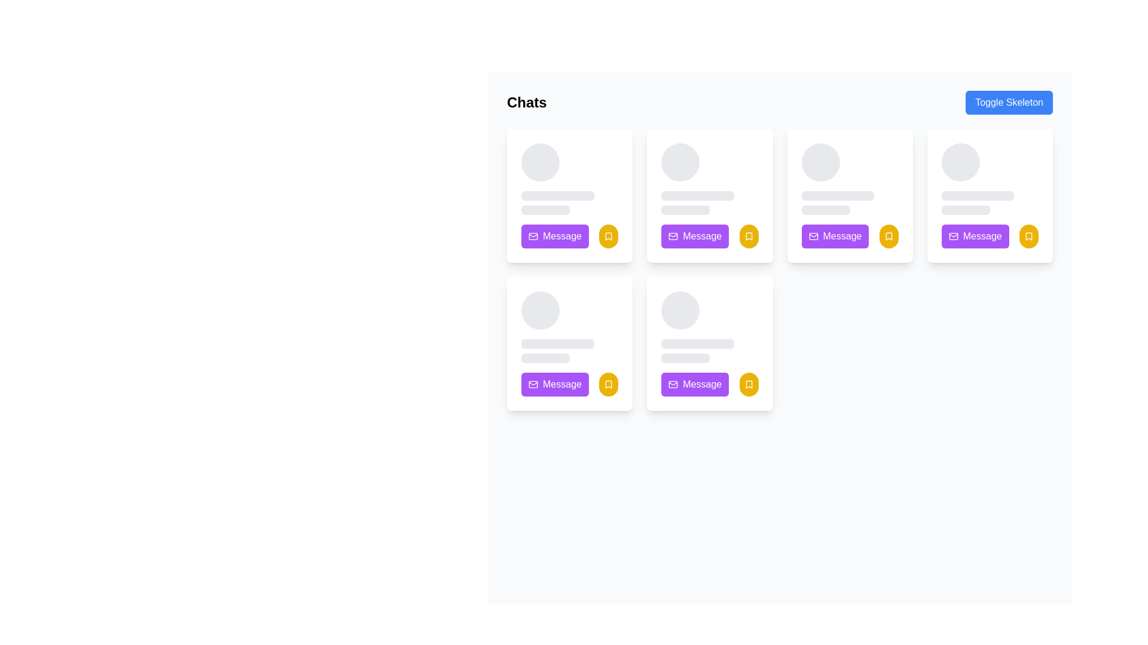  Describe the element at coordinates (748, 236) in the screenshot. I see `the bookmark toggle button located in the second column of the top row of the card components grid` at that location.